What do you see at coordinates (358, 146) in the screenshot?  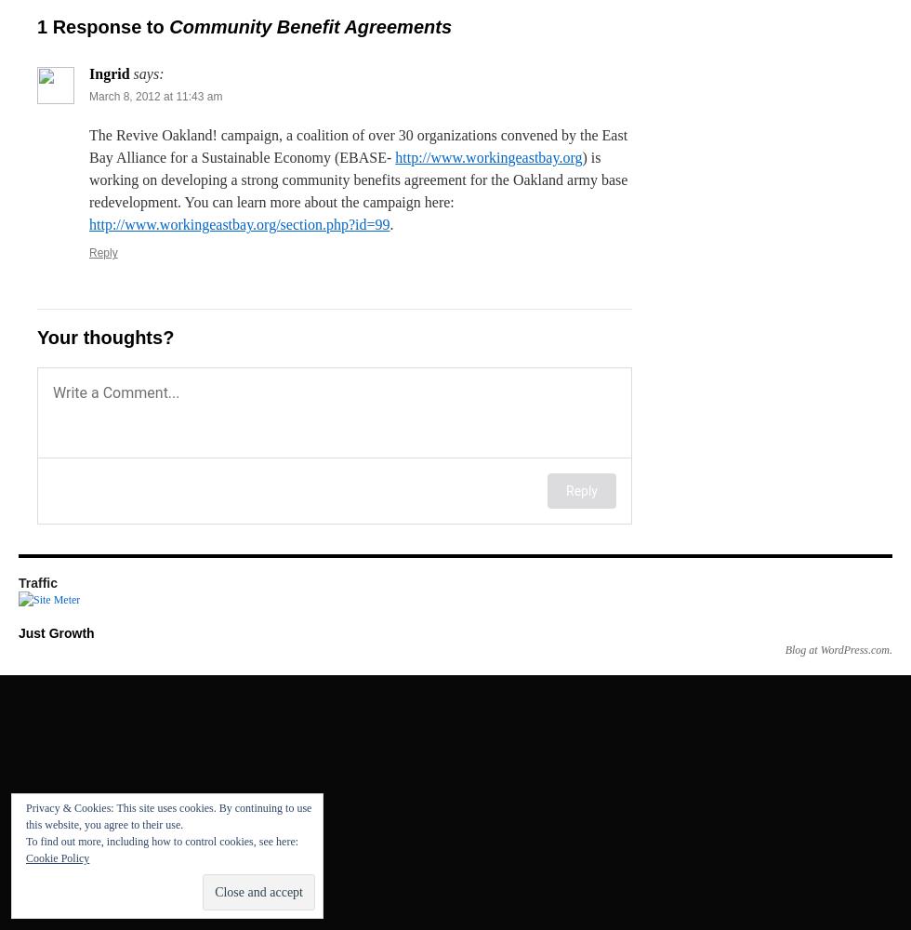 I see `'The Revive Oakland! campaign, a coalition of over 30 organizations convened by the East Bay Alliance for a Sustainable Economy (EBASE-'` at bounding box center [358, 146].